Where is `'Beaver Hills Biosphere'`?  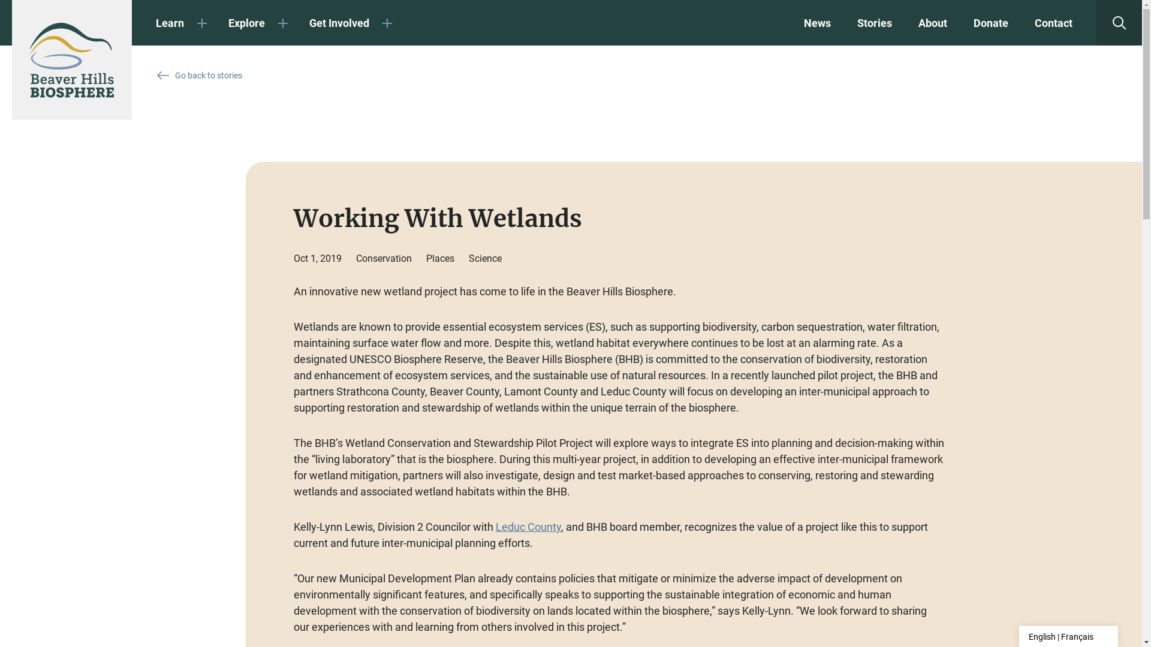
'Beaver Hills Biosphere' is located at coordinates (11, 60).